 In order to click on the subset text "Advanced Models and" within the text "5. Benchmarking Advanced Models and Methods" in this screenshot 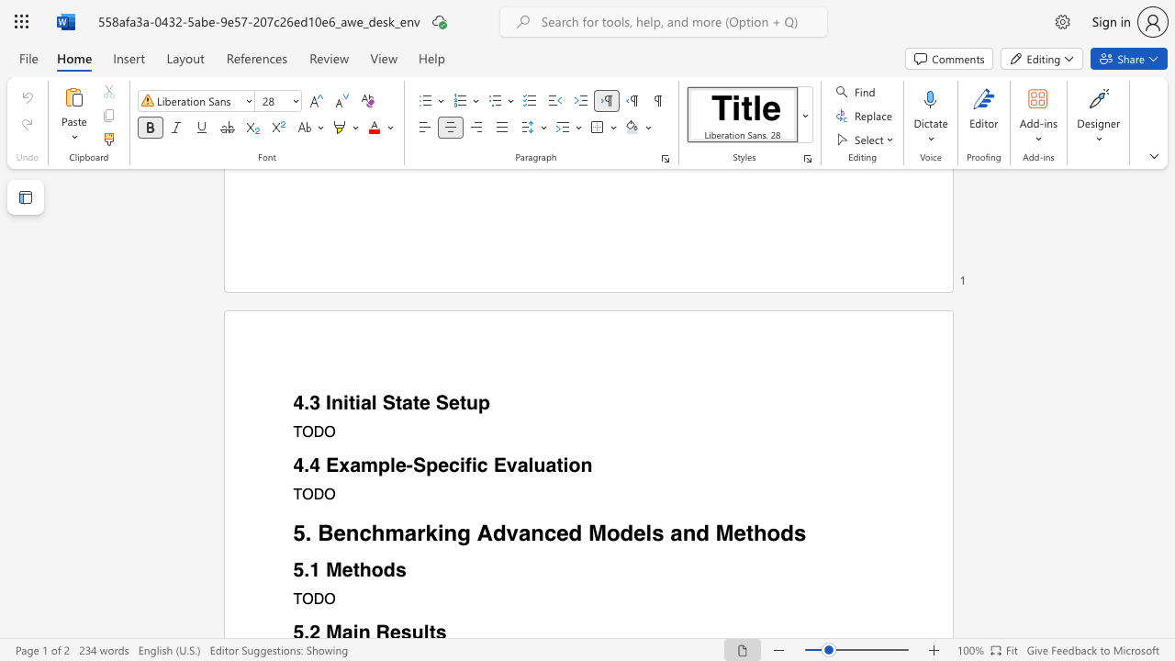, I will do `click(476, 532)`.